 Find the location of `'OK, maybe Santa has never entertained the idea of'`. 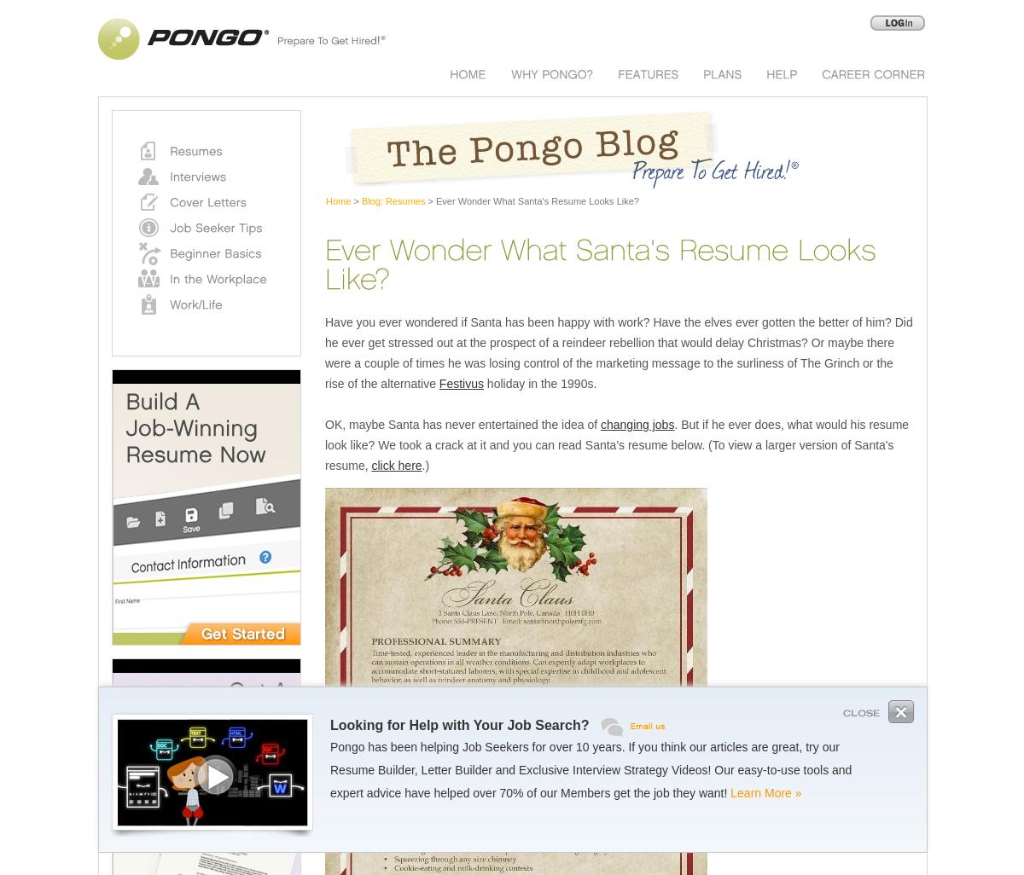

'OK, maybe Santa has never entertained the idea of' is located at coordinates (325, 424).